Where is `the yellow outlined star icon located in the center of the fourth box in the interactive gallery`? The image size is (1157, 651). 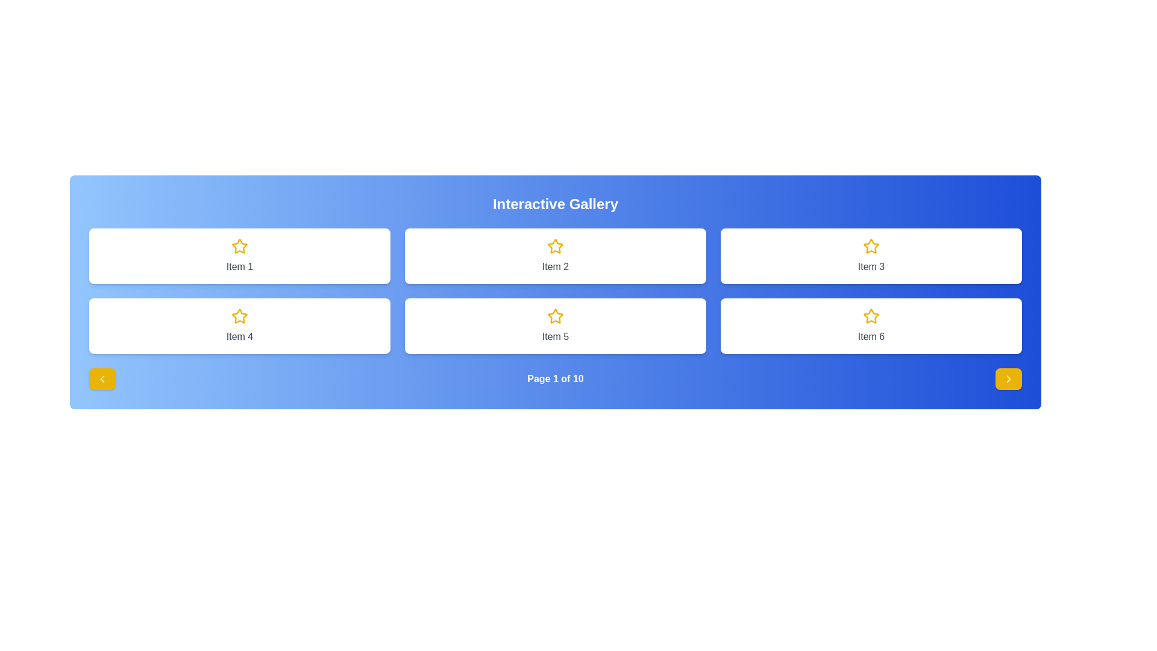 the yellow outlined star icon located in the center of the fourth box in the interactive gallery is located at coordinates (240, 315).